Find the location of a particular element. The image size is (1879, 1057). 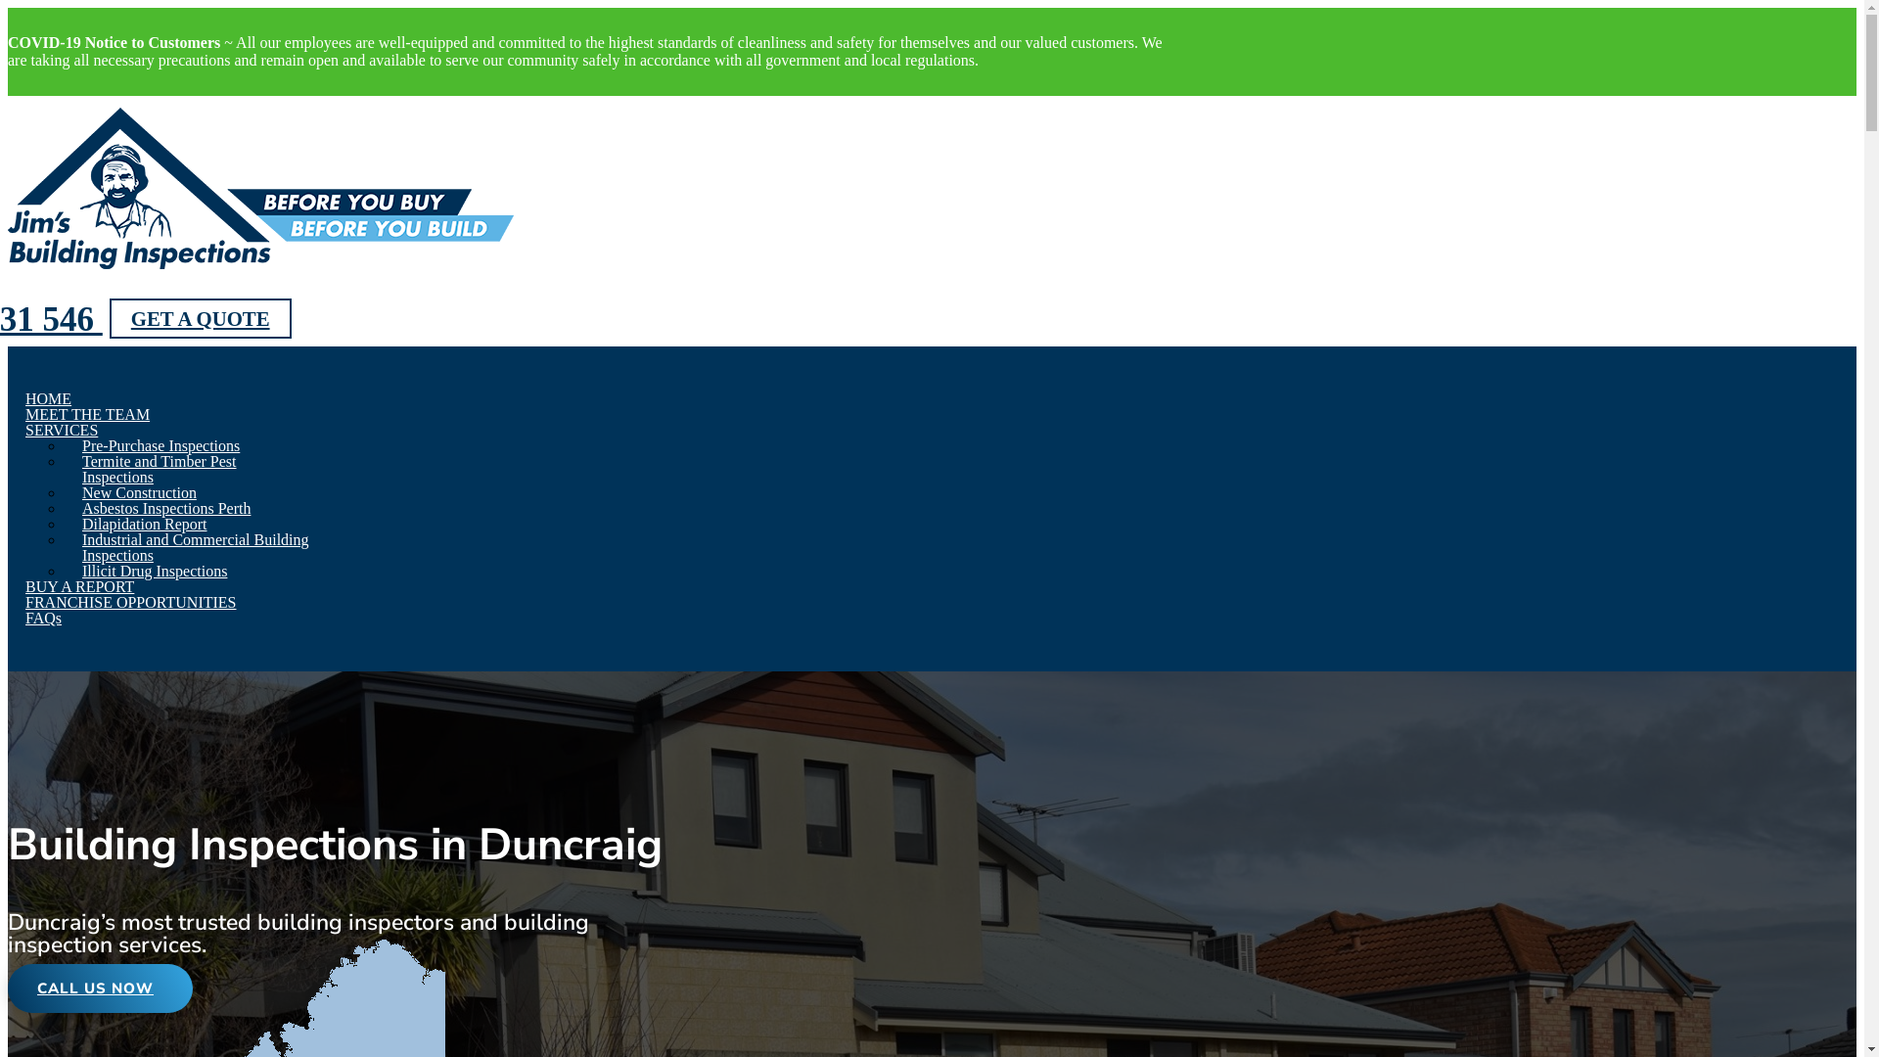

'BUY A REPORT' is located at coordinates (78, 585).